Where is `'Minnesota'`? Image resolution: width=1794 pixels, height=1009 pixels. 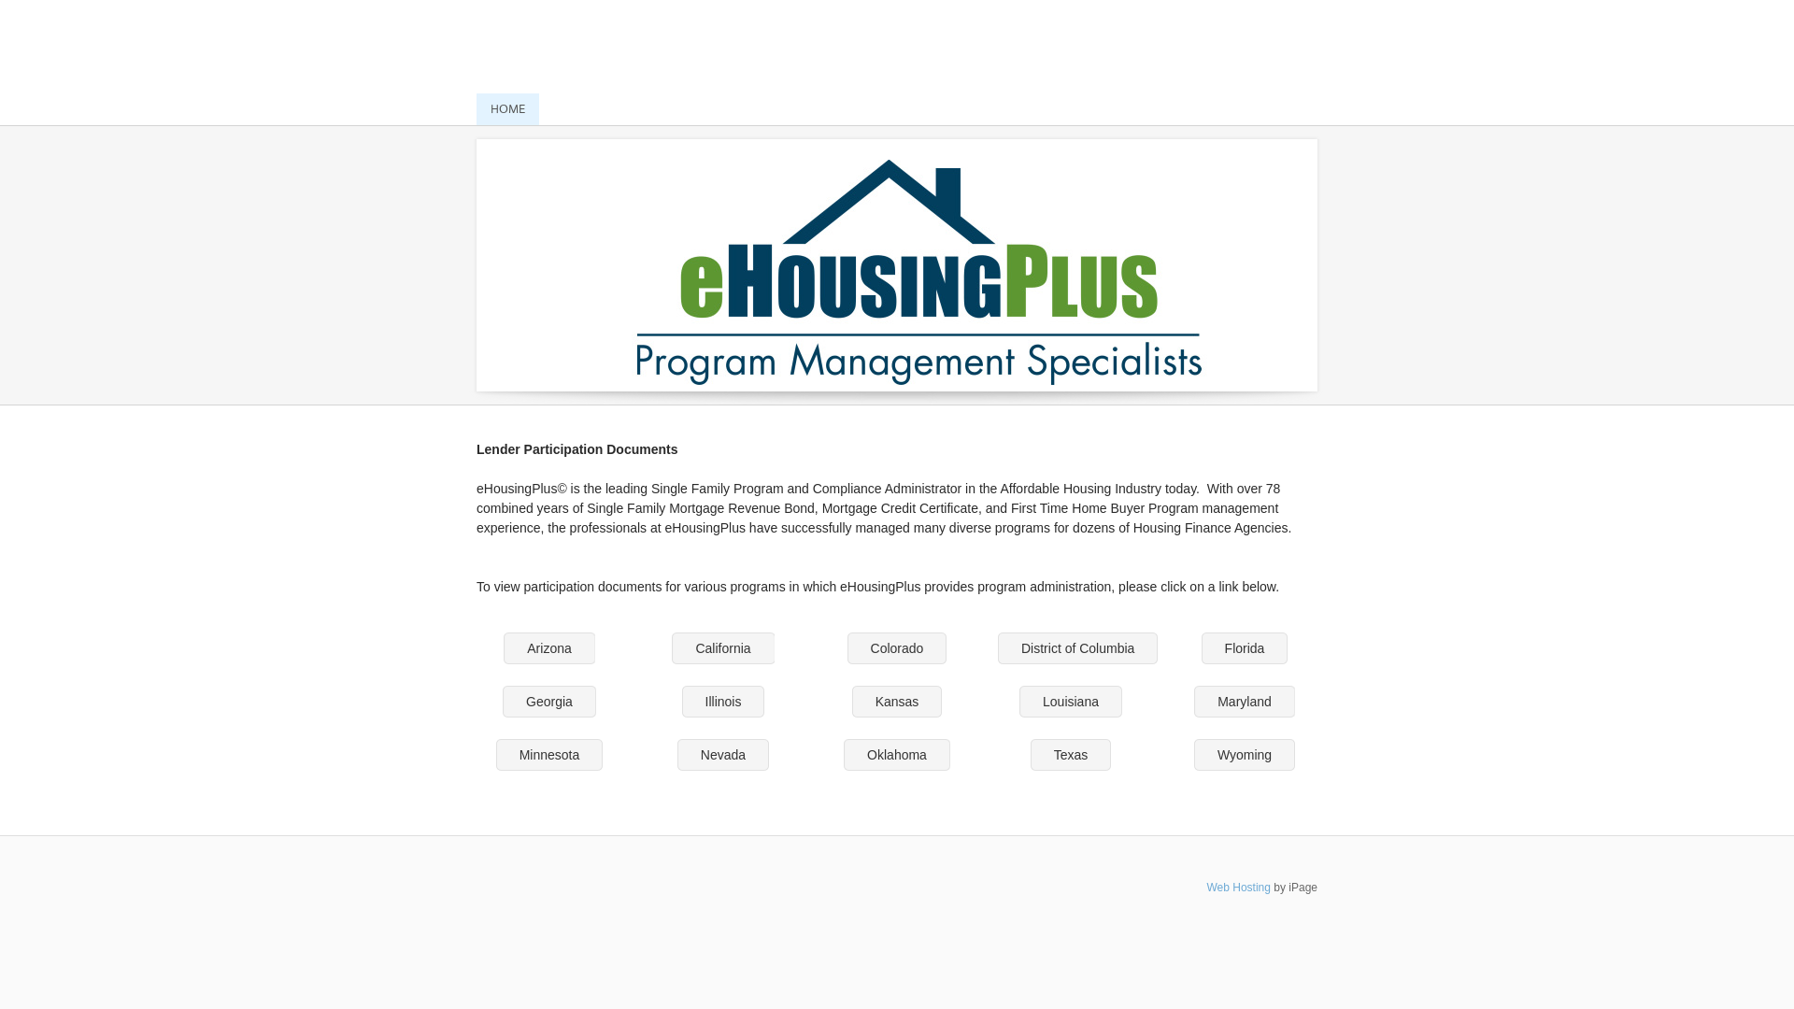 'Minnesota' is located at coordinates (548, 753).